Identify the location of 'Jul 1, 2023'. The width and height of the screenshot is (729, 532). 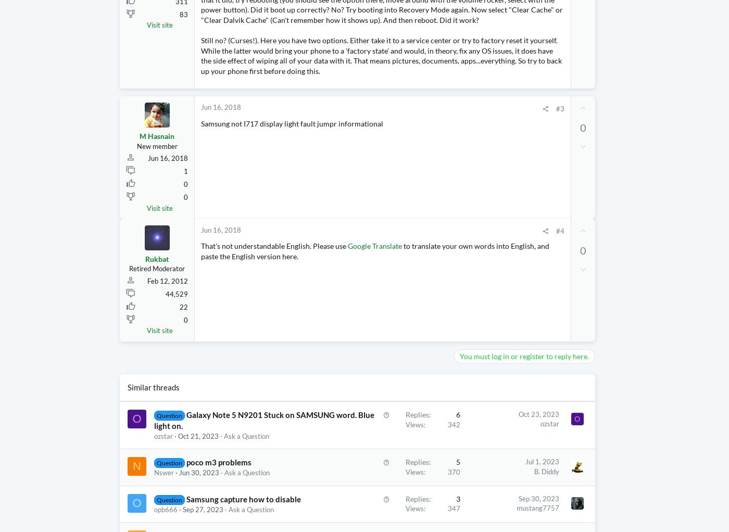
(499, 482).